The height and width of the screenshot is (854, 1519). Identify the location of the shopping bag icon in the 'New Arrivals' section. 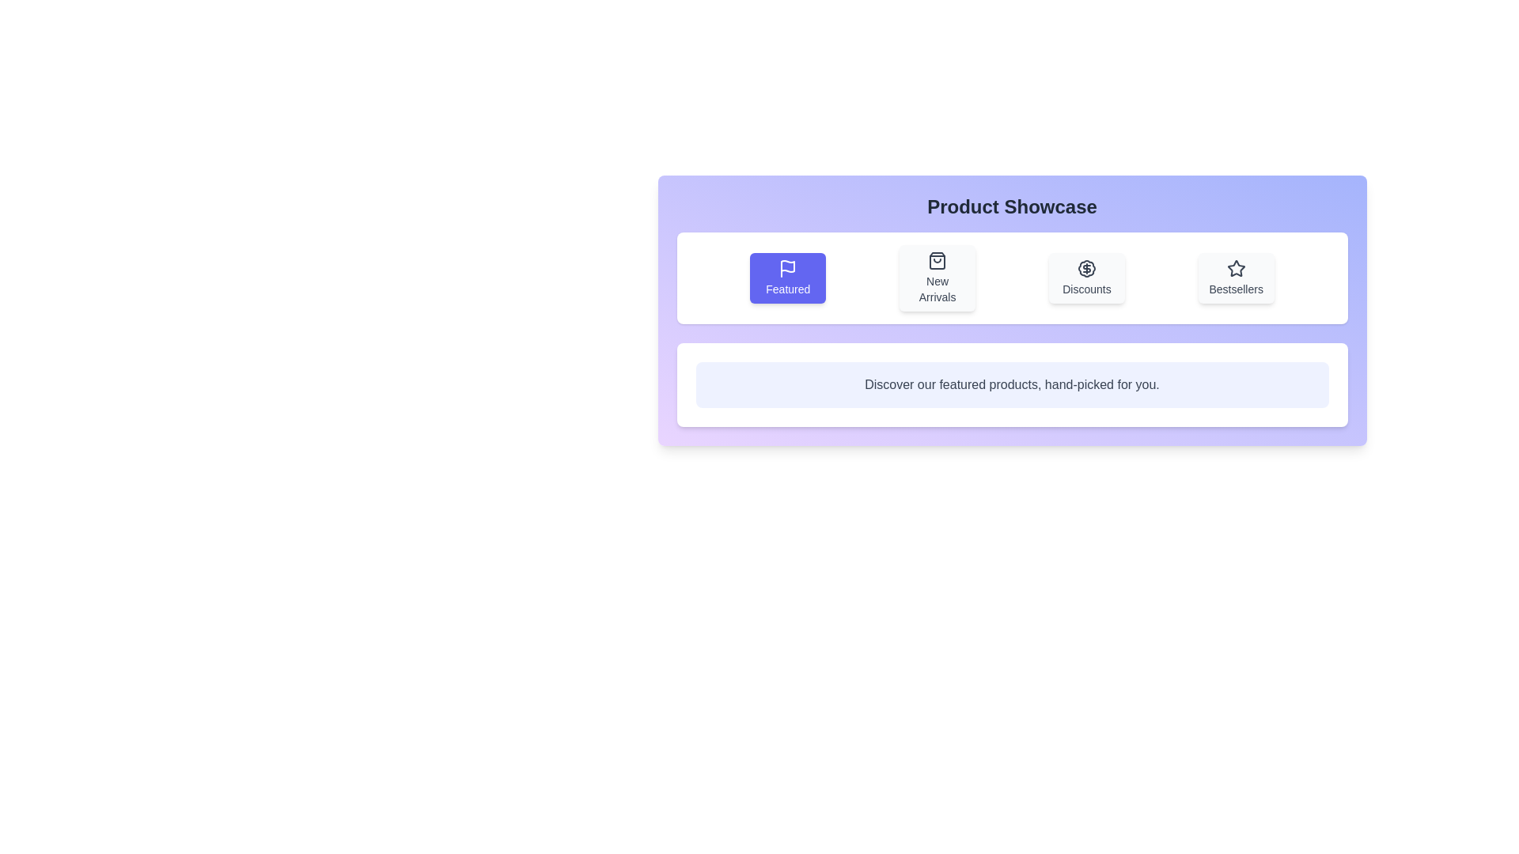
(938, 260).